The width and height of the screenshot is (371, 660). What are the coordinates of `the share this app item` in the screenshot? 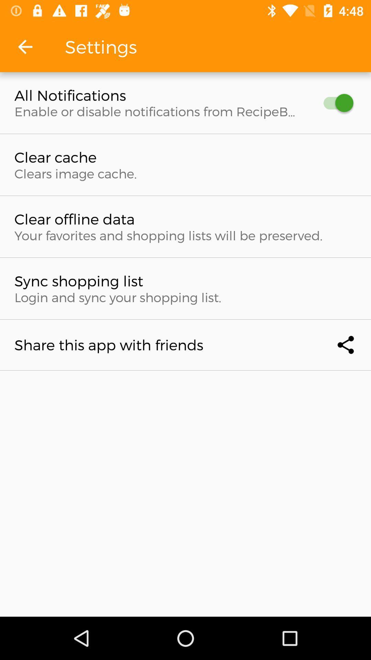 It's located at (185, 345).